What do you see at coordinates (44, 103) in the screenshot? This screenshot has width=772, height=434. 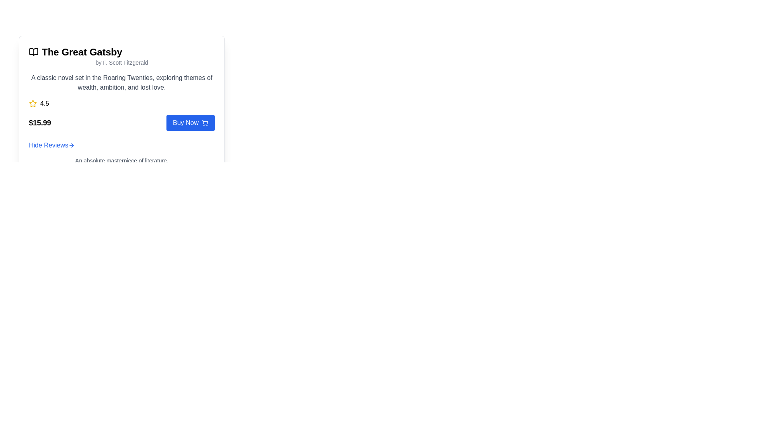 I see `text label displaying the numeric rating '4.5' which is positioned to the right of a yellow star icon in the review section` at bounding box center [44, 103].